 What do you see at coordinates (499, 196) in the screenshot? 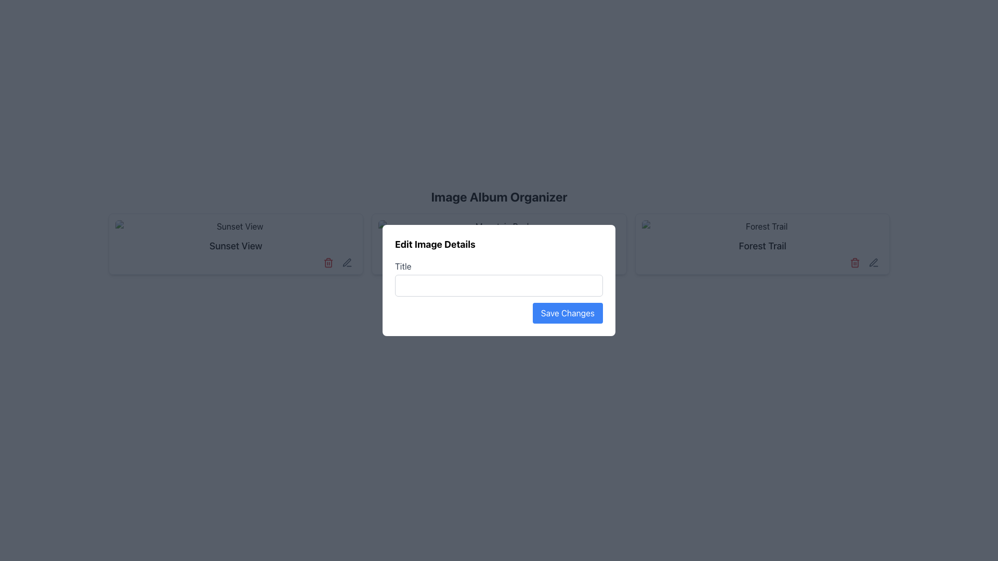
I see `the Header element, which serves as the title for the page and is located at the top-center of the content area` at bounding box center [499, 196].